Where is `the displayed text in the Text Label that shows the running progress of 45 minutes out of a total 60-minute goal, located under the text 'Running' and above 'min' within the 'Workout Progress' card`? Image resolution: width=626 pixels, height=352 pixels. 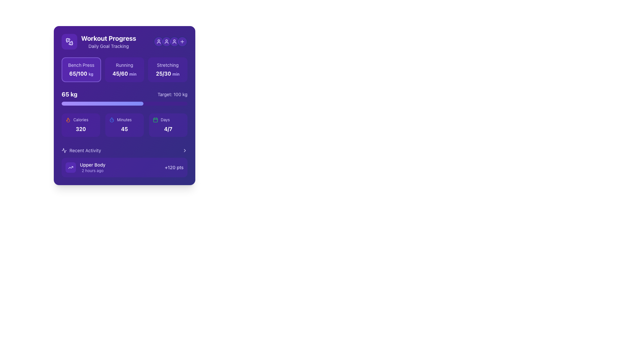 the displayed text in the Text Label that shows the running progress of 45 minutes out of a total 60-minute goal, located under the text 'Running' and above 'min' within the 'Workout Progress' card is located at coordinates (125, 73).